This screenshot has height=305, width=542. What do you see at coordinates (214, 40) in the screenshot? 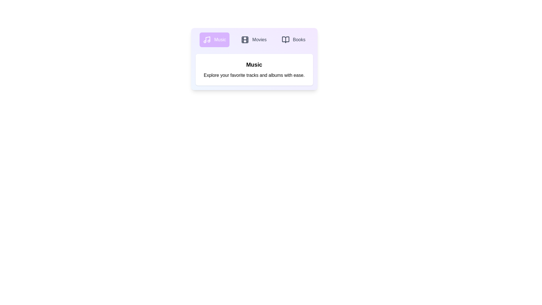
I see `the Music tab to explore its content` at bounding box center [214, 40].